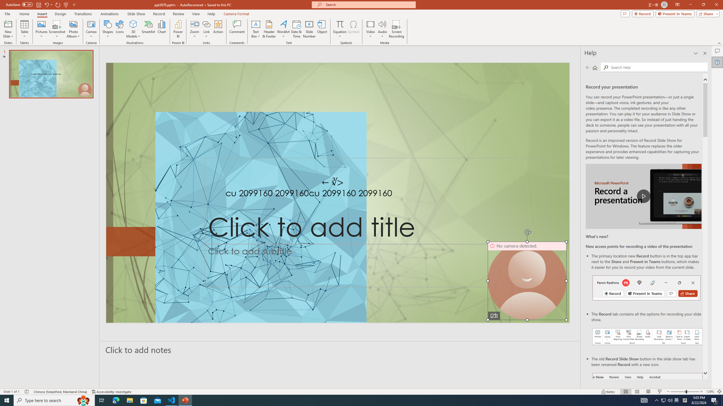  What do you see at coordinates (587, 67) in the screenshot?
I see `'Previous page'` at bounding box center [587, 67].